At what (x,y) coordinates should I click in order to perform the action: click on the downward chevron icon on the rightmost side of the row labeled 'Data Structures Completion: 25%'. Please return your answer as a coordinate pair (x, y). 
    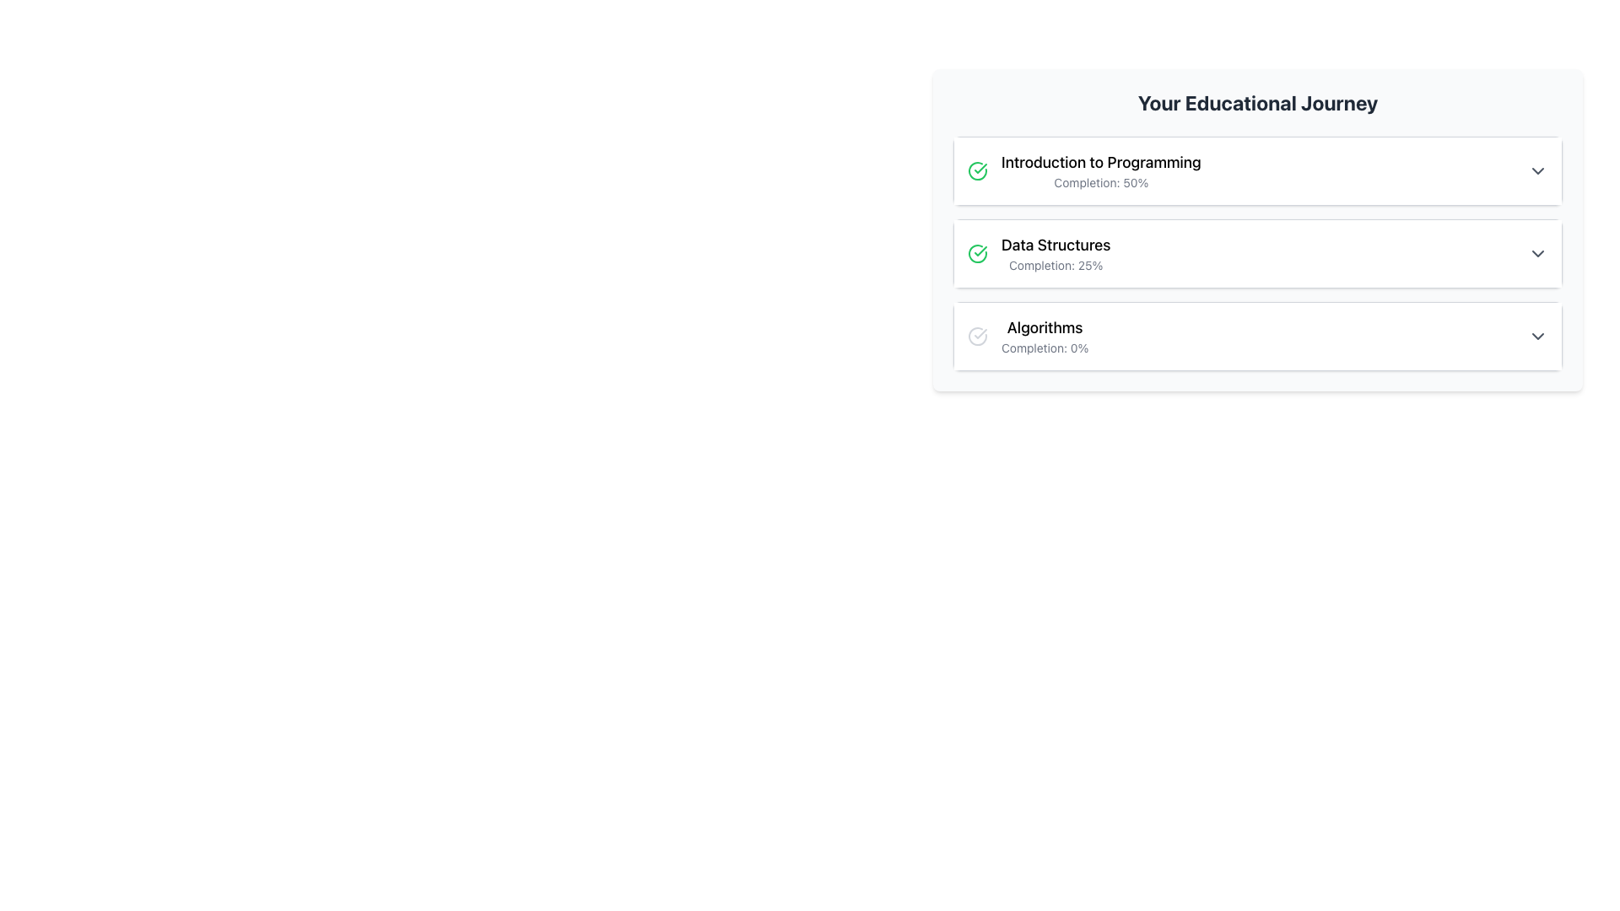
    Looking at the image, I should click on (1538, 253).